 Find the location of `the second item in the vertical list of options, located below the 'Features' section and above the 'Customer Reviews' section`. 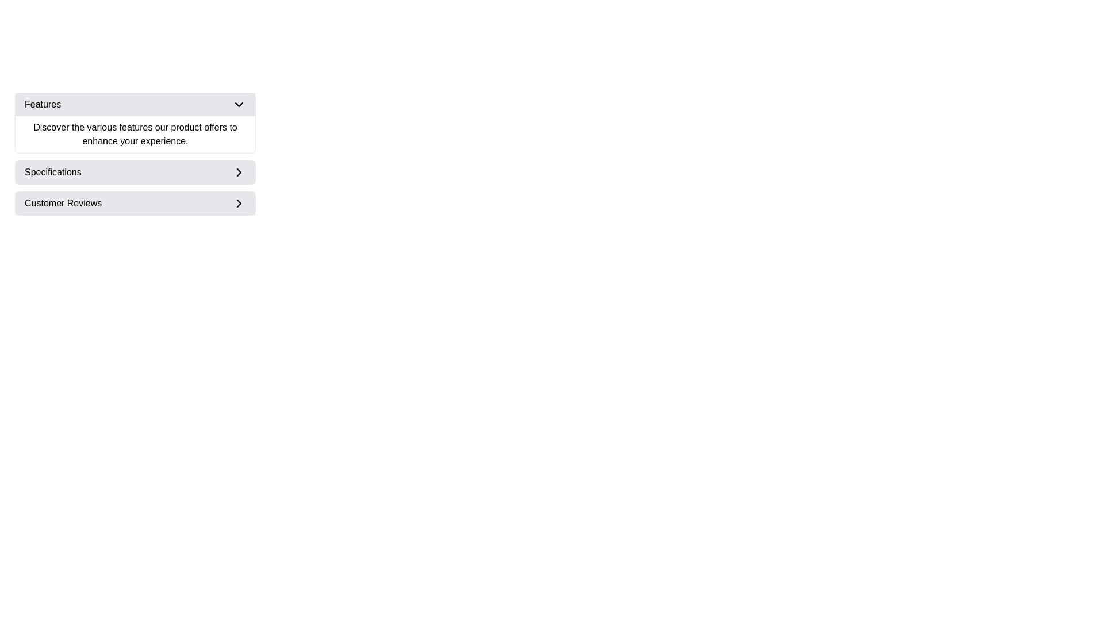

the second item in the vertical list of options, located below the 'Features' section and above the 'Customer Reviews' section is located at coordinates (135, 172).